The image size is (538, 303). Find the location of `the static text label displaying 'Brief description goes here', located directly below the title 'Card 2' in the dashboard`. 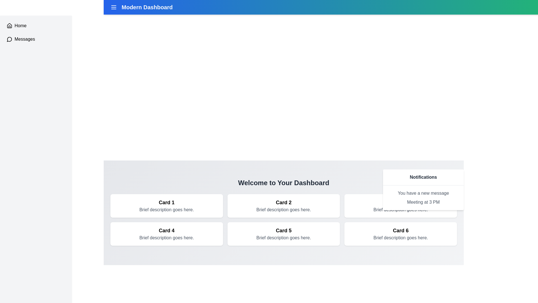

the static text label displaying 'Brief description goes here', located directly below the title 'Card 2' in the dashboard is located at coordinates (284, 210).